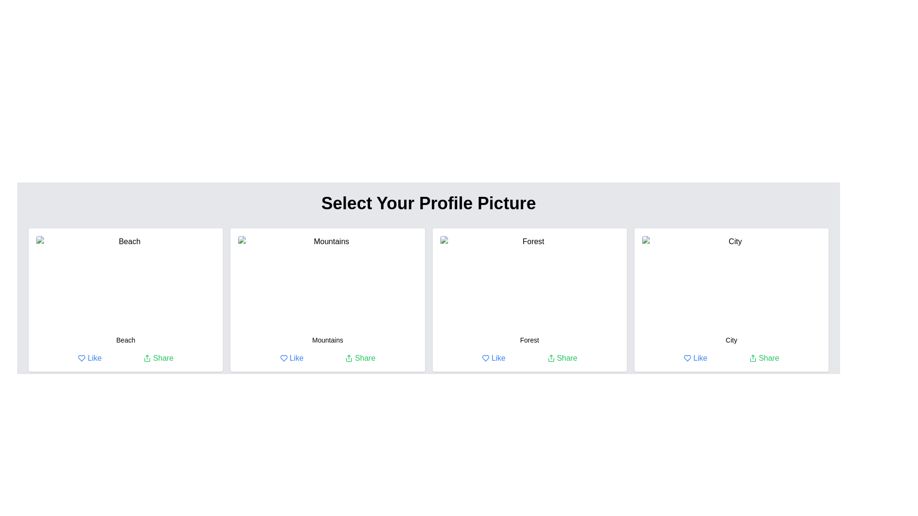 Image resolution: width=918 pixels, height=516 pixels. What do you see at coordinates (687, 358) in the screenshot?
I see `the 'Like' button icon located at the bottom of the 'City' card section, to the left of the text 'Like' and below the title 'City'` at bounding box center [687, 358].